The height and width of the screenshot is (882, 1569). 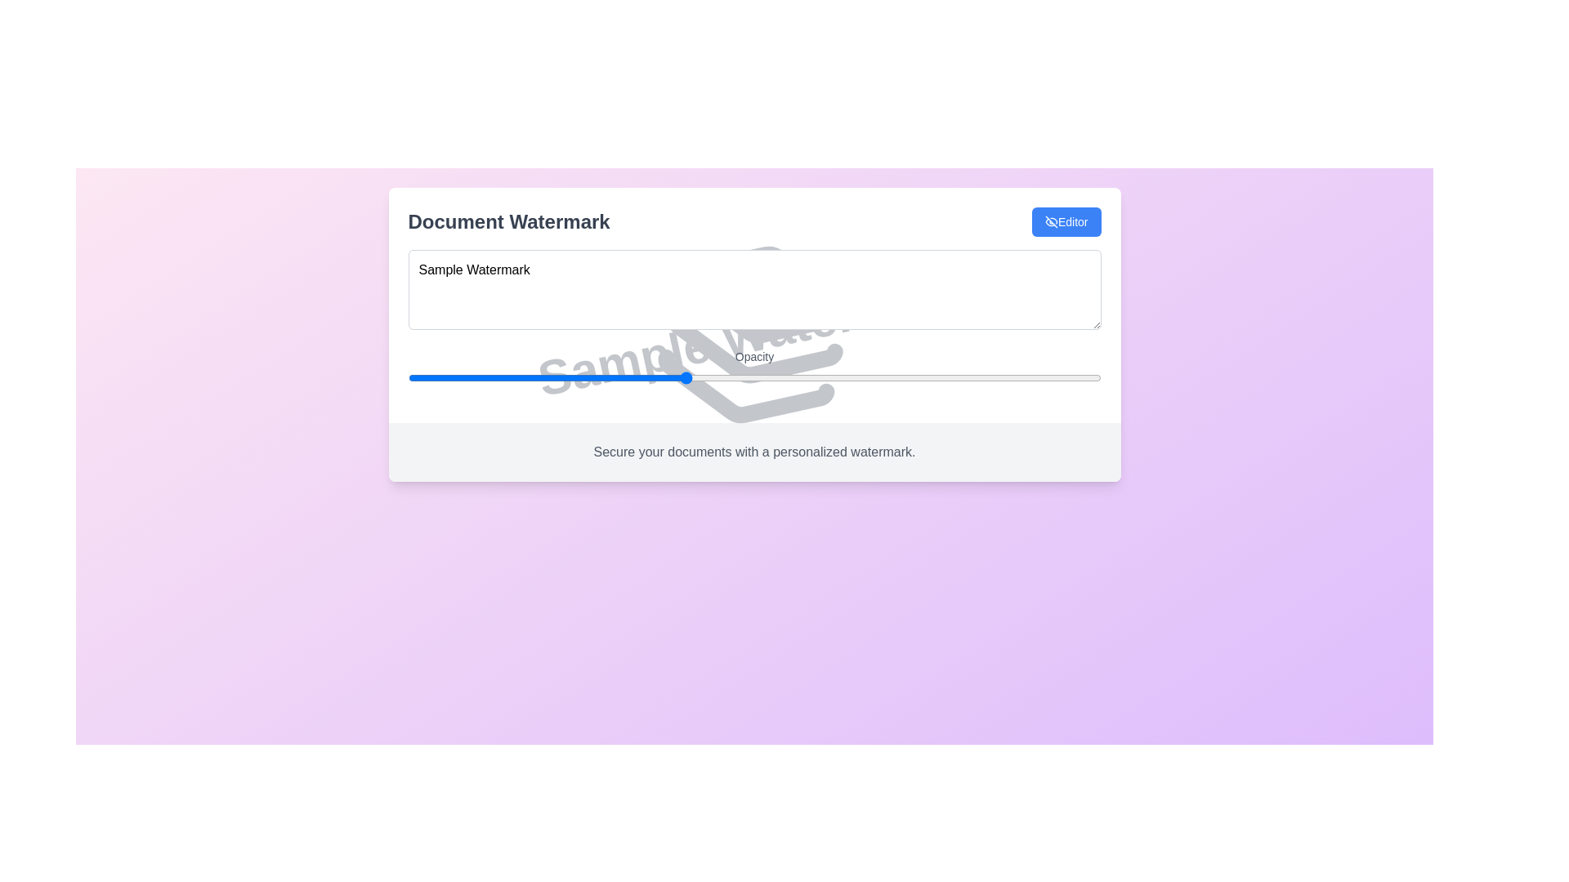 I want to click on the gray abstract vector shape resembling a bent polygon, which is the third layer in a stack of decorative elements in the interface, so click(x=740, y=394).